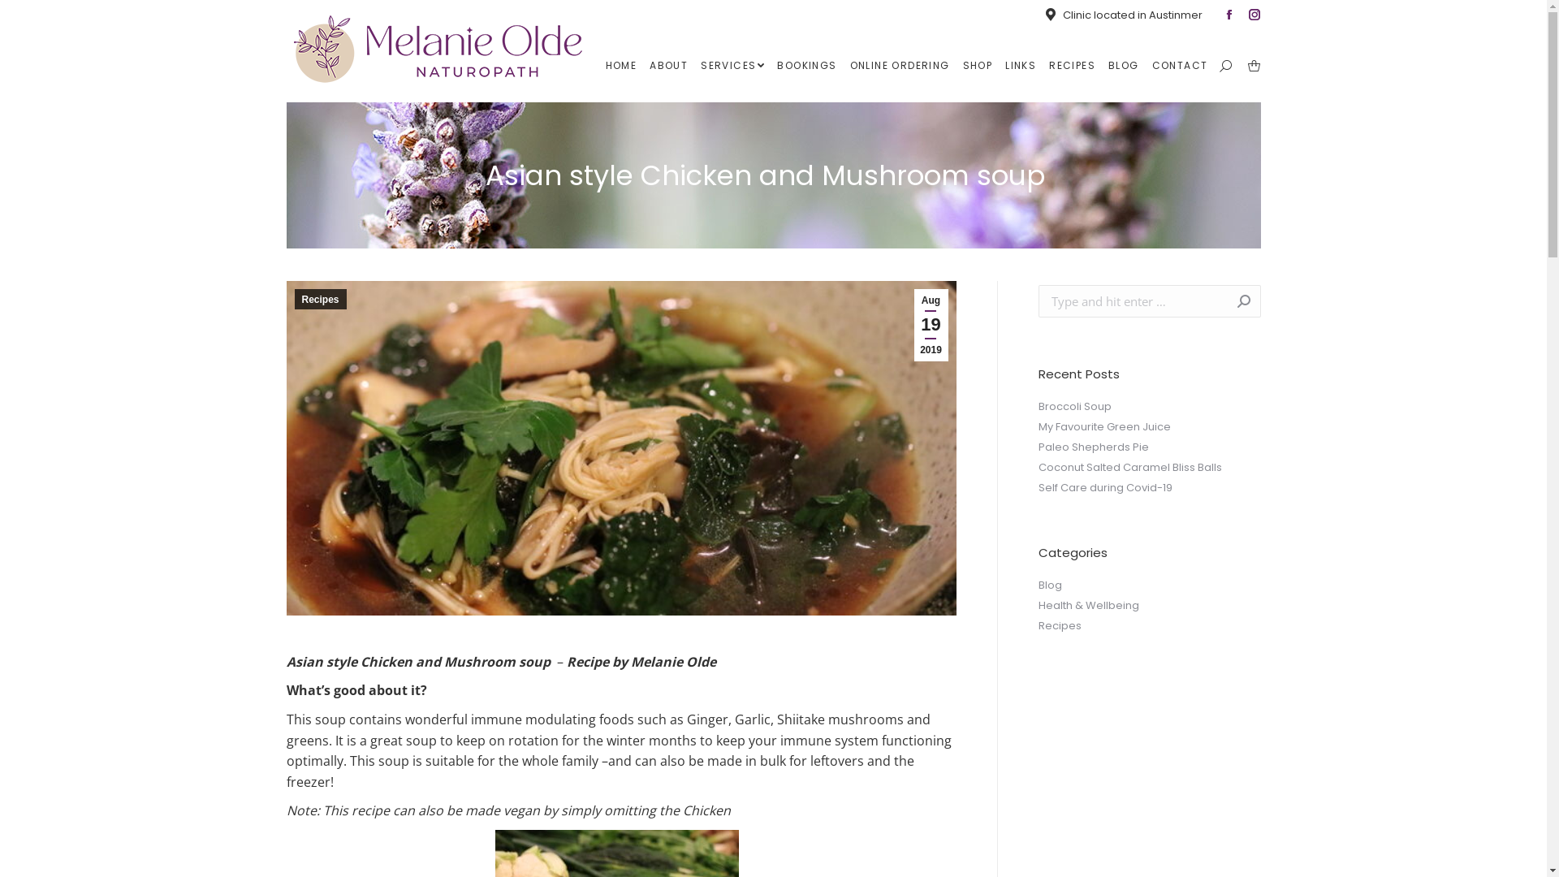  I want to click on 'Self Care during Covid-19', so click(1104, 487).